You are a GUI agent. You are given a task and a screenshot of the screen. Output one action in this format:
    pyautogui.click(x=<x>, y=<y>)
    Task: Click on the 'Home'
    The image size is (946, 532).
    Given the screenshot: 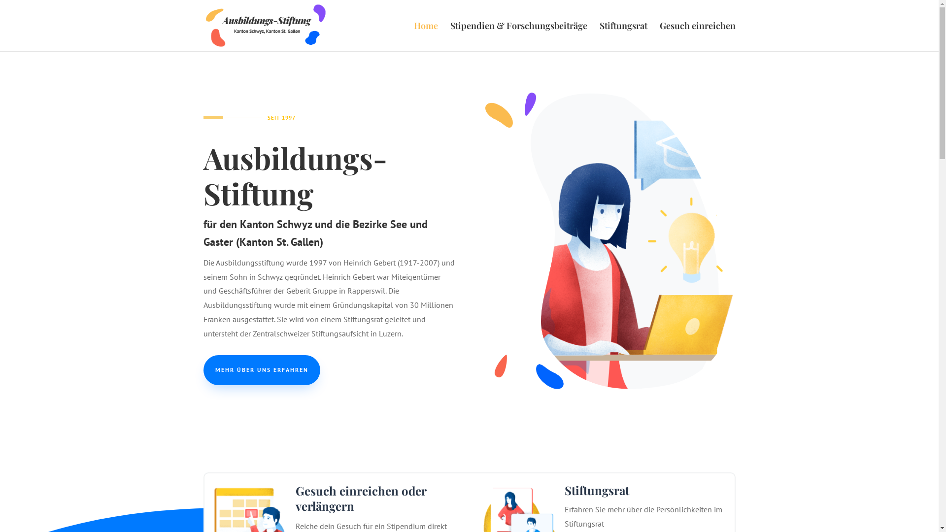 What is the action you would take?
    pyautogui.click(x=426, y=36)
    